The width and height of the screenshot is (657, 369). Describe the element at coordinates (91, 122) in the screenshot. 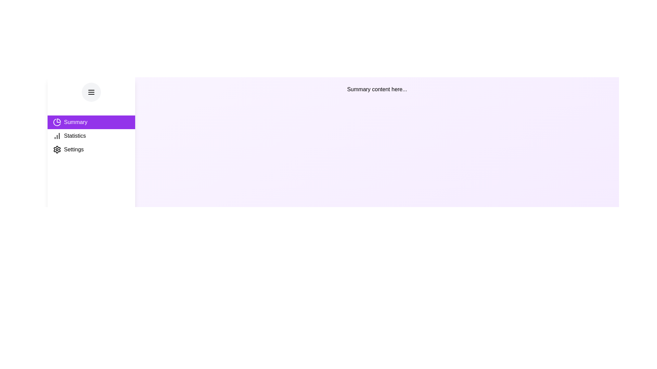

I see `the Summary tab from the sidebar menu` at that location.